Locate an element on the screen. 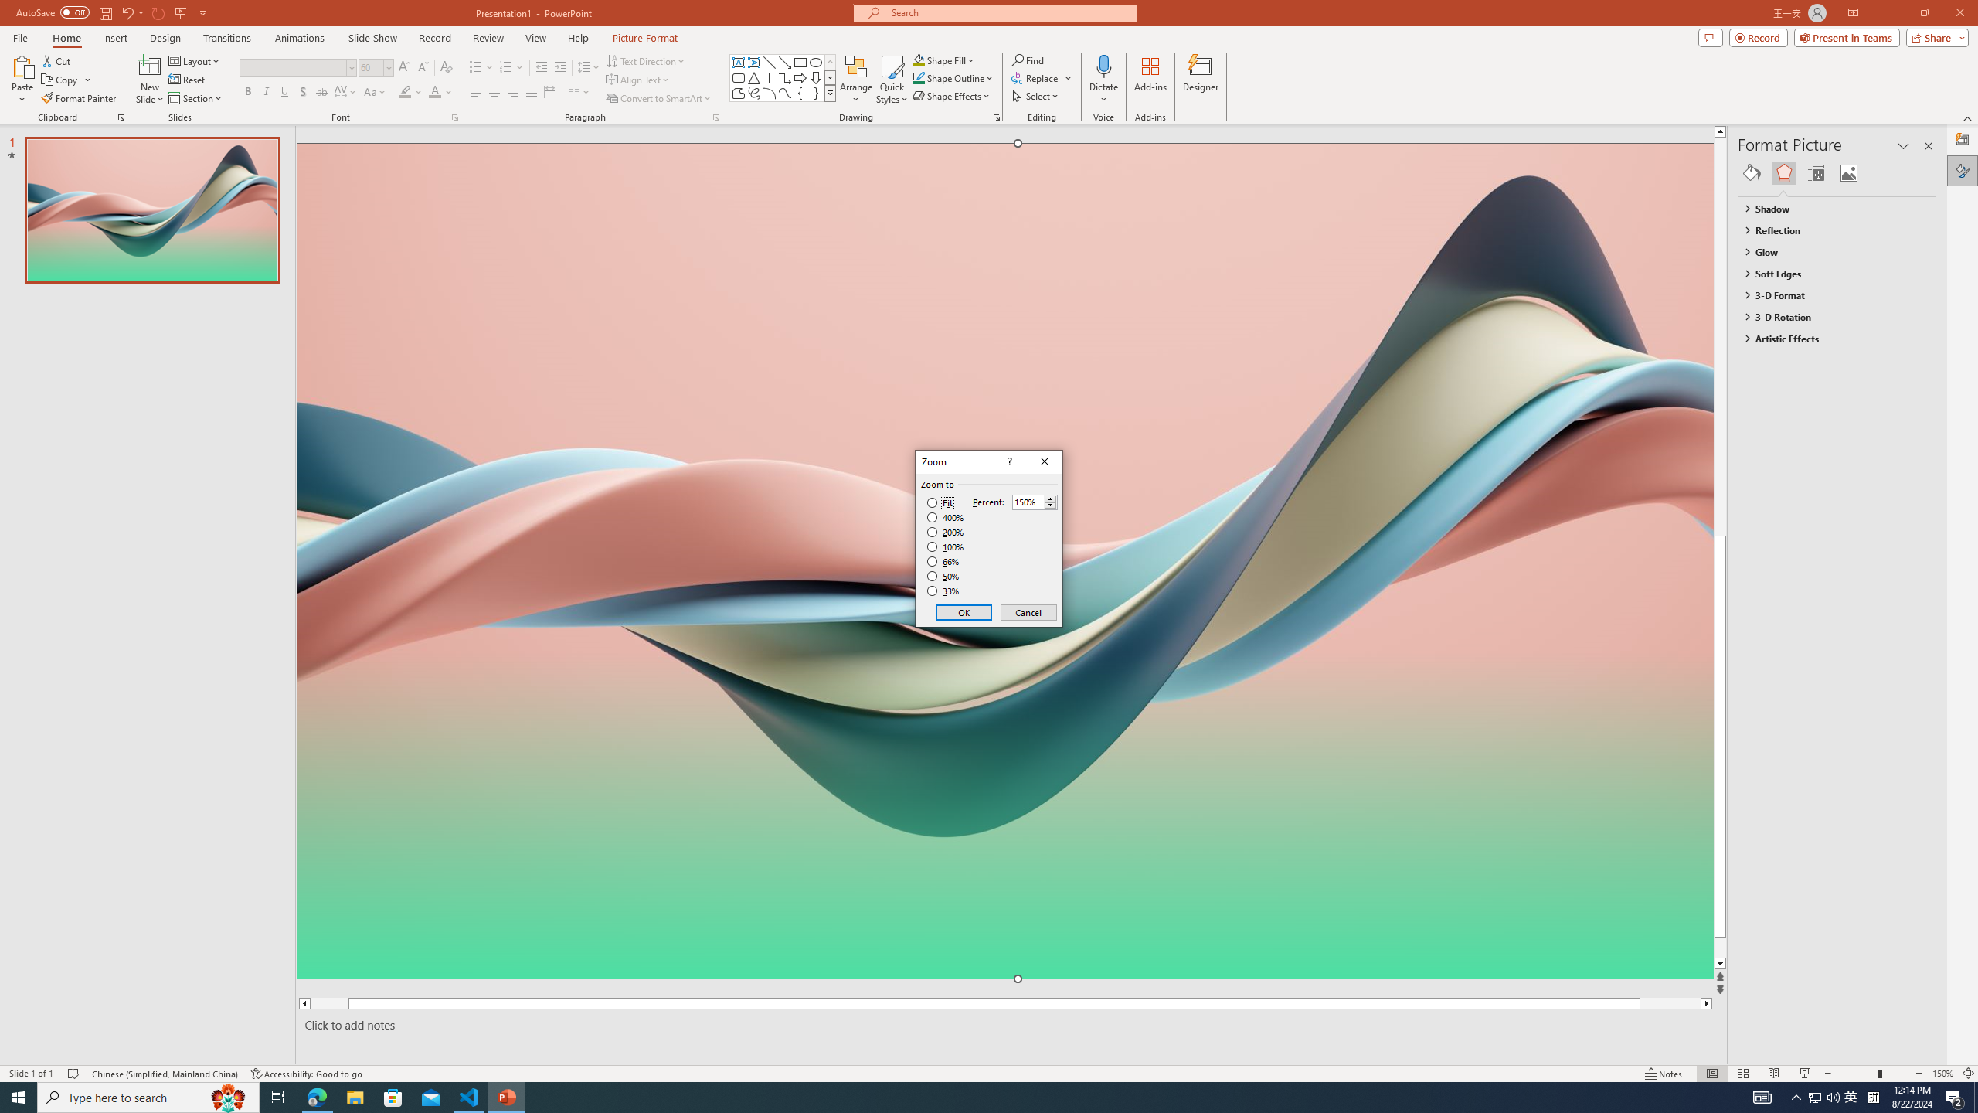 The width and height of the screenshot is (1978, 1113). 'Context help' is located at coordinates (1008, 461).